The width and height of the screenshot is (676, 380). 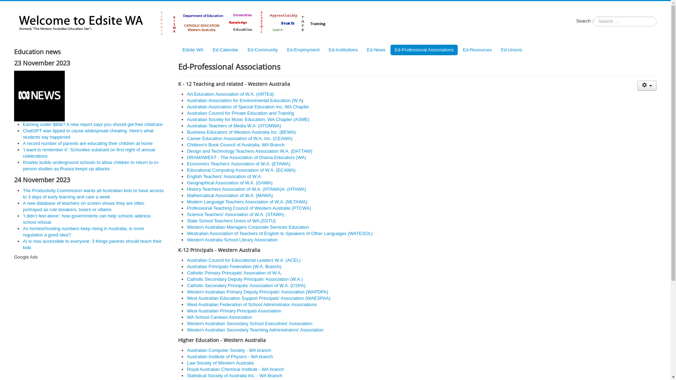 What do you see at coordinates (234, 310) in the screenshot?
I see `'West Australian Primary Principals Association'` at bounding box center [234, 310].